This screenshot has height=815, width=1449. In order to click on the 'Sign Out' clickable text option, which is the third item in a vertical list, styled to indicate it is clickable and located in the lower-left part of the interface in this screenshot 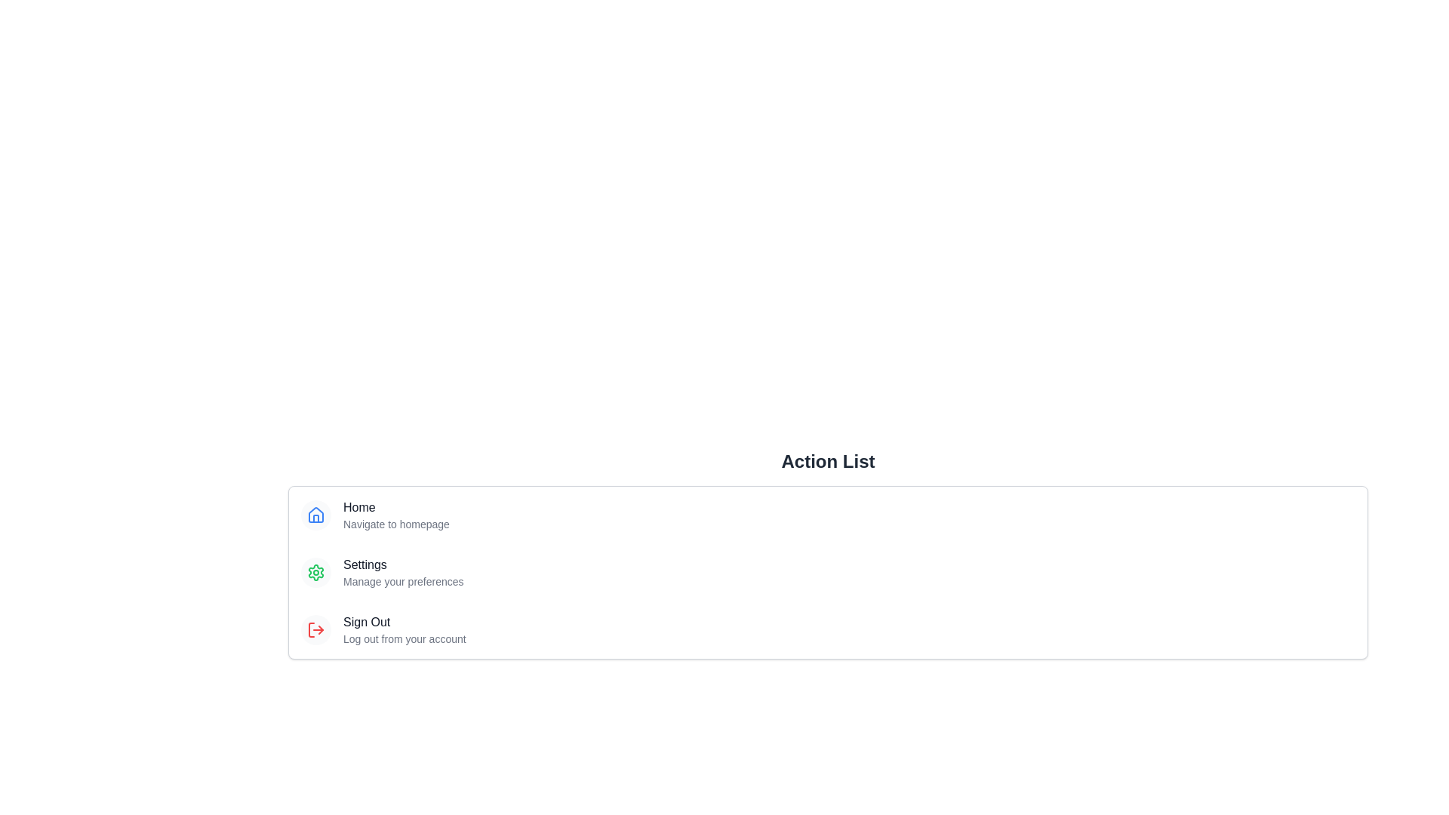, I will do `click(405, 629)`.